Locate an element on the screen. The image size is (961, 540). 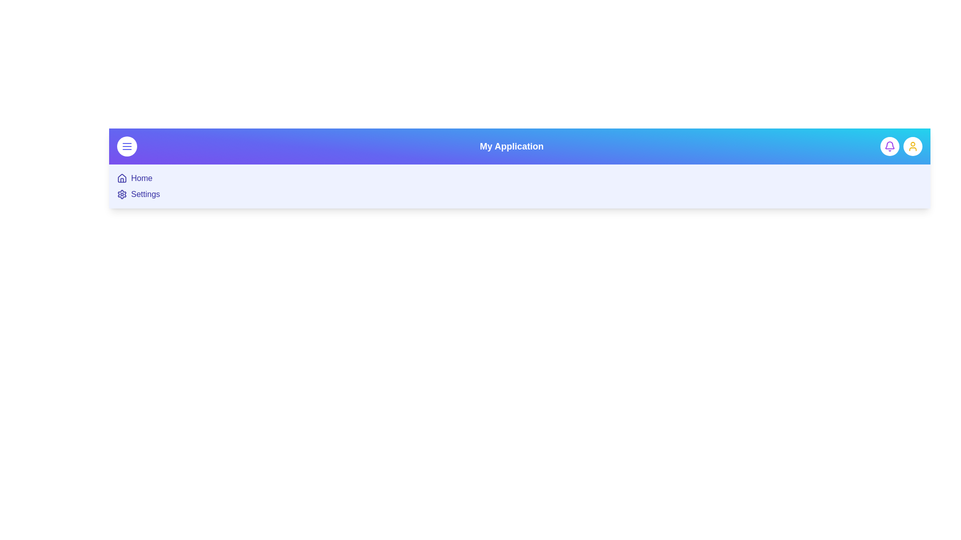
the notification button to trigger its action is located at coordinates (889, 146).